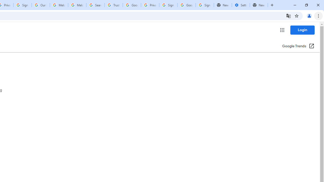 The image size is (324, 182). Describe the element at coordinates (132, 5) in the screenshot. I see `'Google Ads - Sign in'` at that location.